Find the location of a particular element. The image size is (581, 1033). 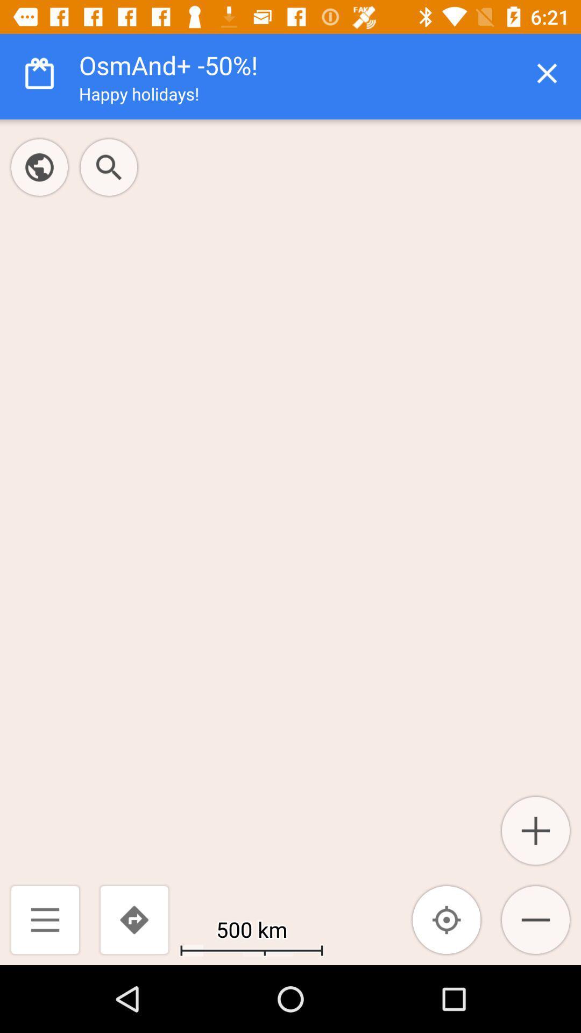

the item next to the 500 km icon is located at coordinates (133, 919).